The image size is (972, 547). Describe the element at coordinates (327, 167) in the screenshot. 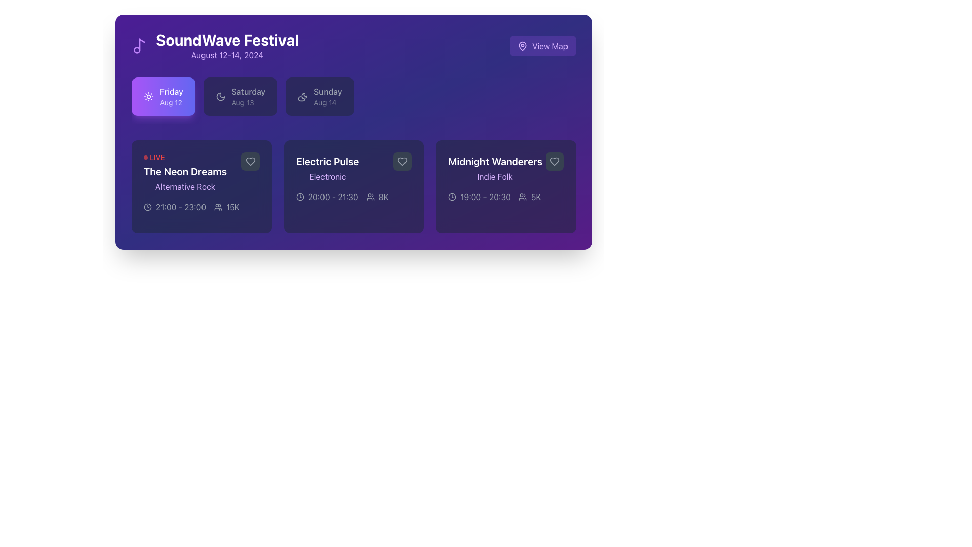

I see `the Text Display that shows 'Electric Pulse' in bold white font and 'Electronic' in smaller light purple font, located in the middle card of a three-card row` at that location.